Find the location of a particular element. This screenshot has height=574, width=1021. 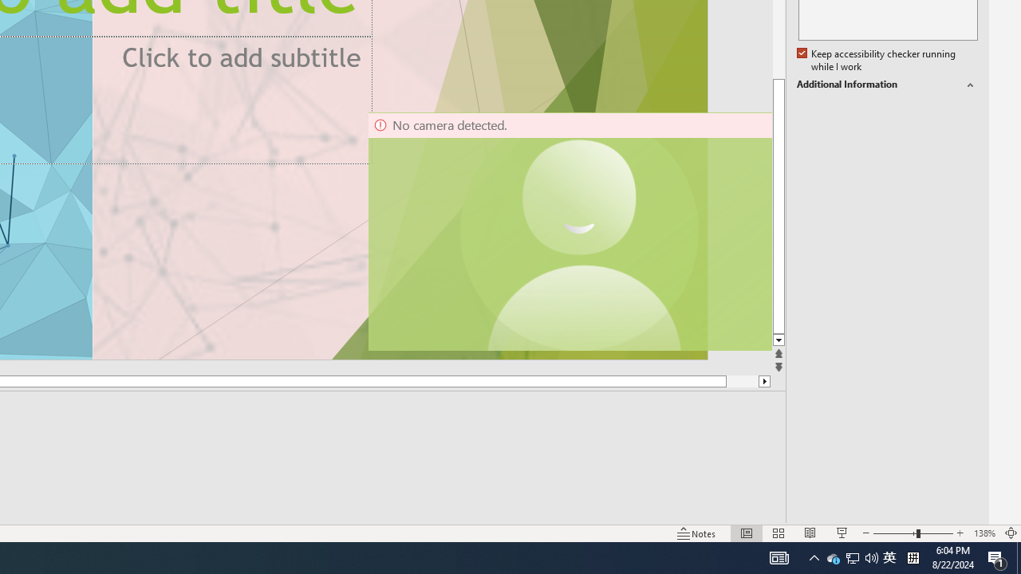

'Action Center, 1 new notification' is located at coordinates (997, 556).